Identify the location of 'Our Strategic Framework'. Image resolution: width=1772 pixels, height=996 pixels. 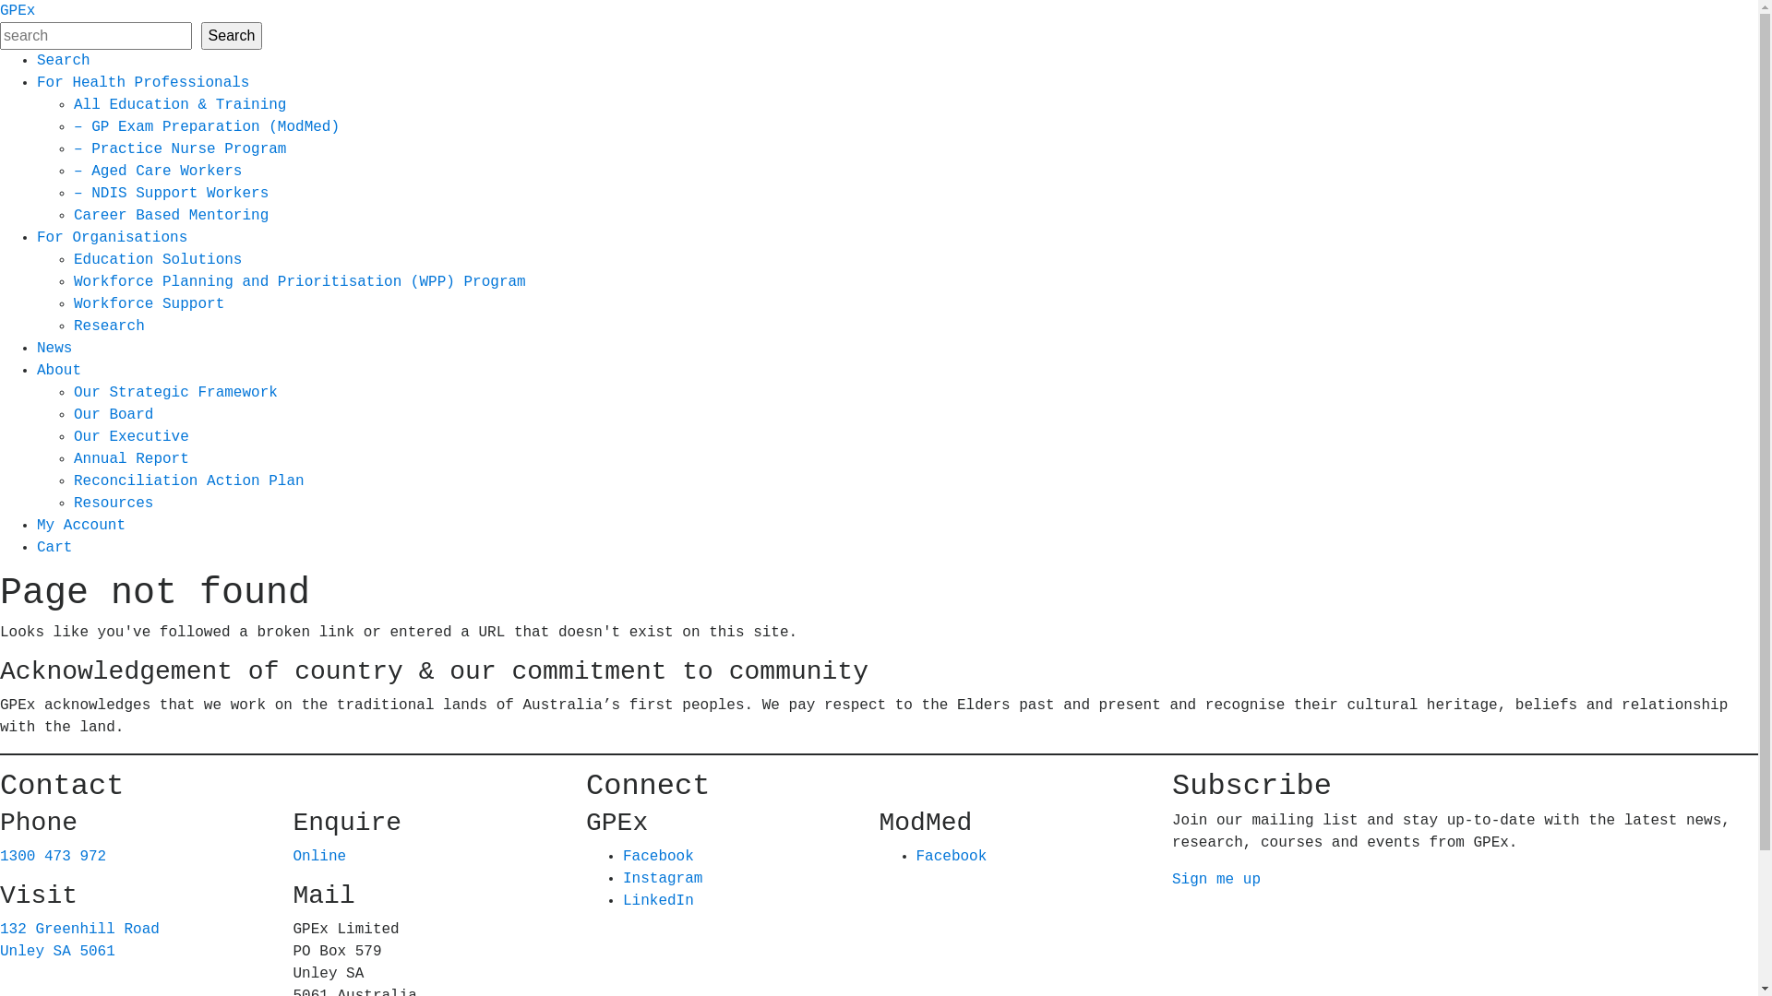
(74, 391).